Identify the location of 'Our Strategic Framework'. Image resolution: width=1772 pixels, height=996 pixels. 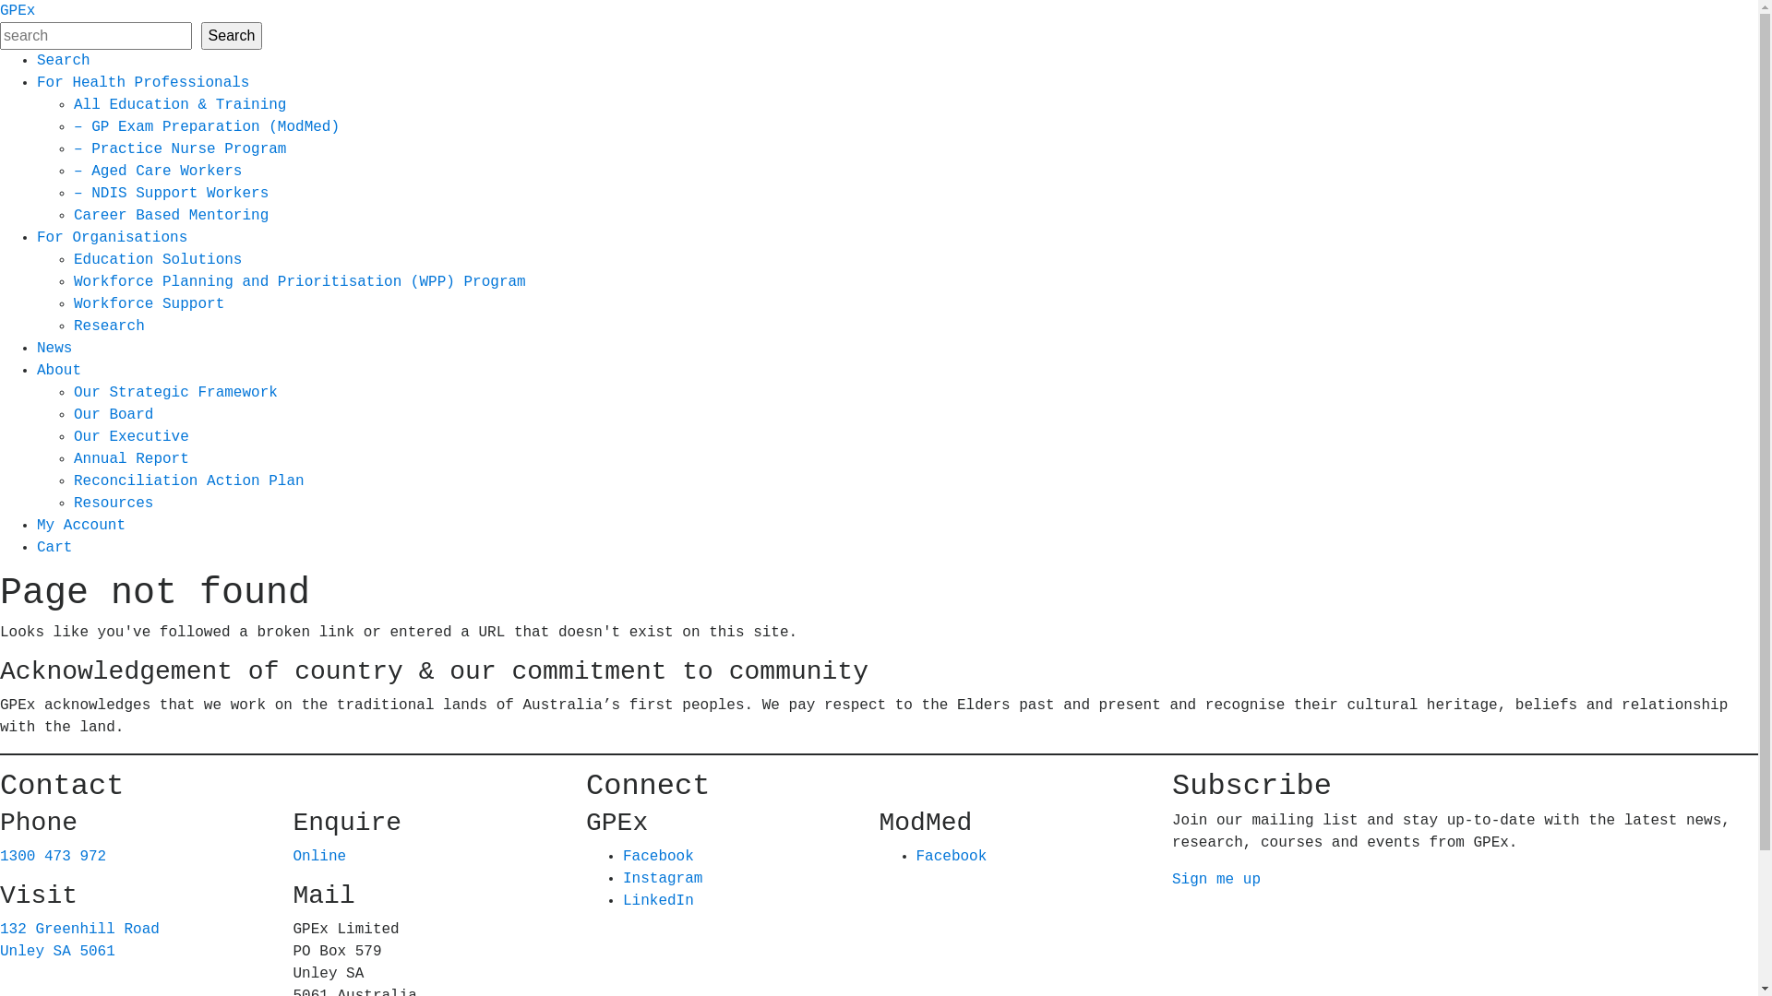
(74, 391).